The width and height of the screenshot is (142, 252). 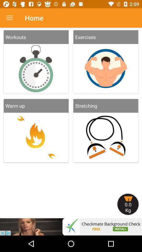 I want to click on kilo kram button, so click(x=128, y=204).